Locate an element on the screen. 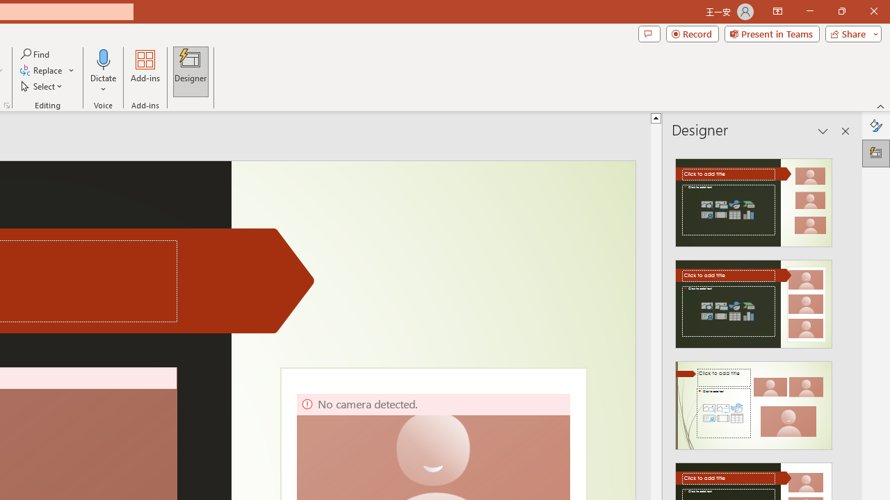  'Find...' is located at coordinates (35, 53).